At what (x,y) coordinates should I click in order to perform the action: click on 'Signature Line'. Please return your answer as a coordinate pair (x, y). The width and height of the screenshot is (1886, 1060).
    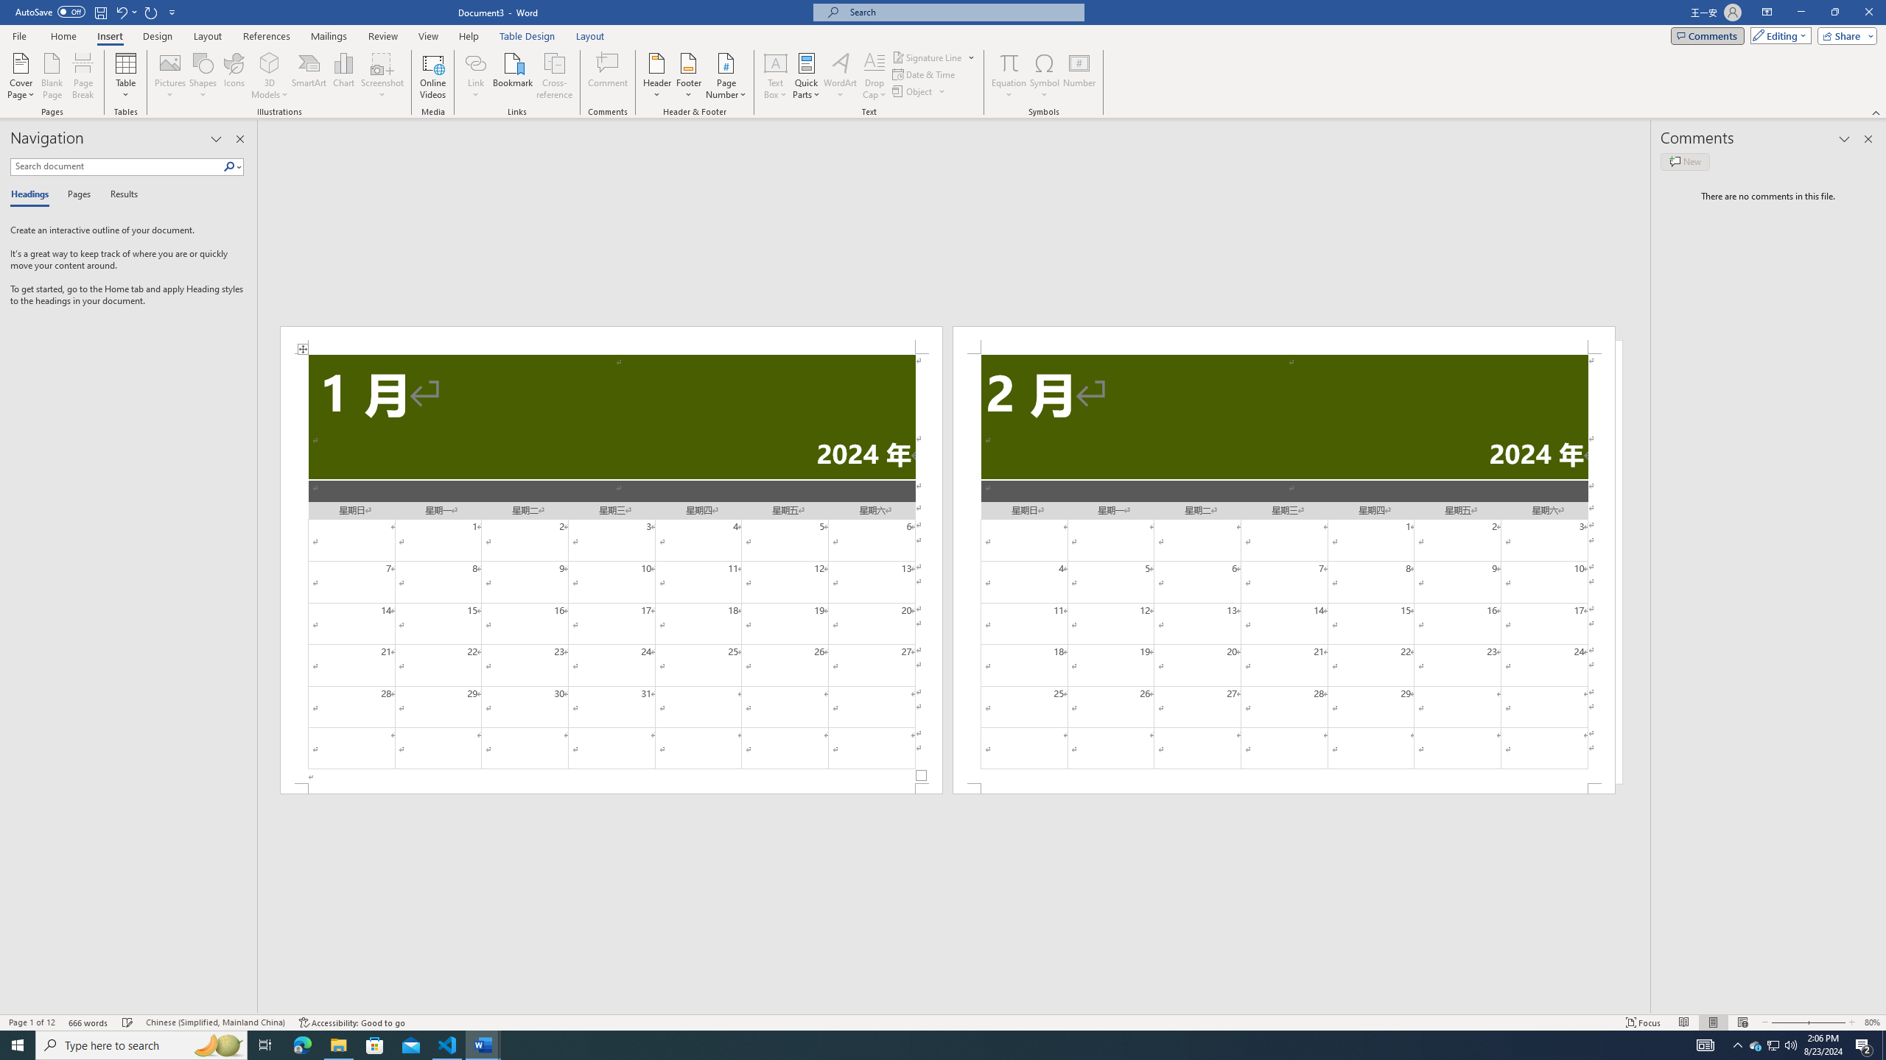
    Looking at the image, I should click on (933, 57).